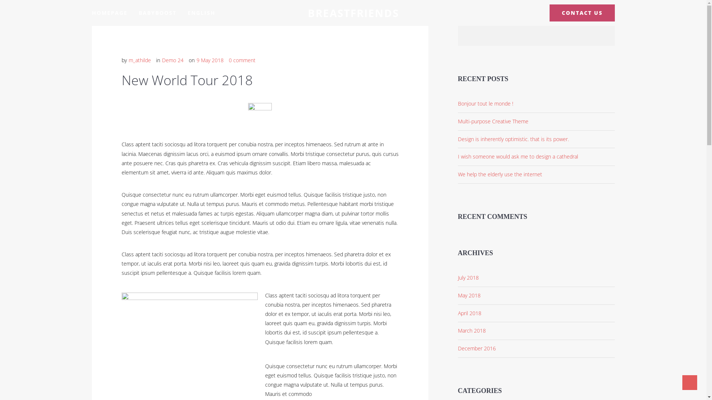 The height and width of the screenshot is (400, 712). Describe the element at coordinates (534, 13) in the screenshot. I see `'Instagram'` at that location.